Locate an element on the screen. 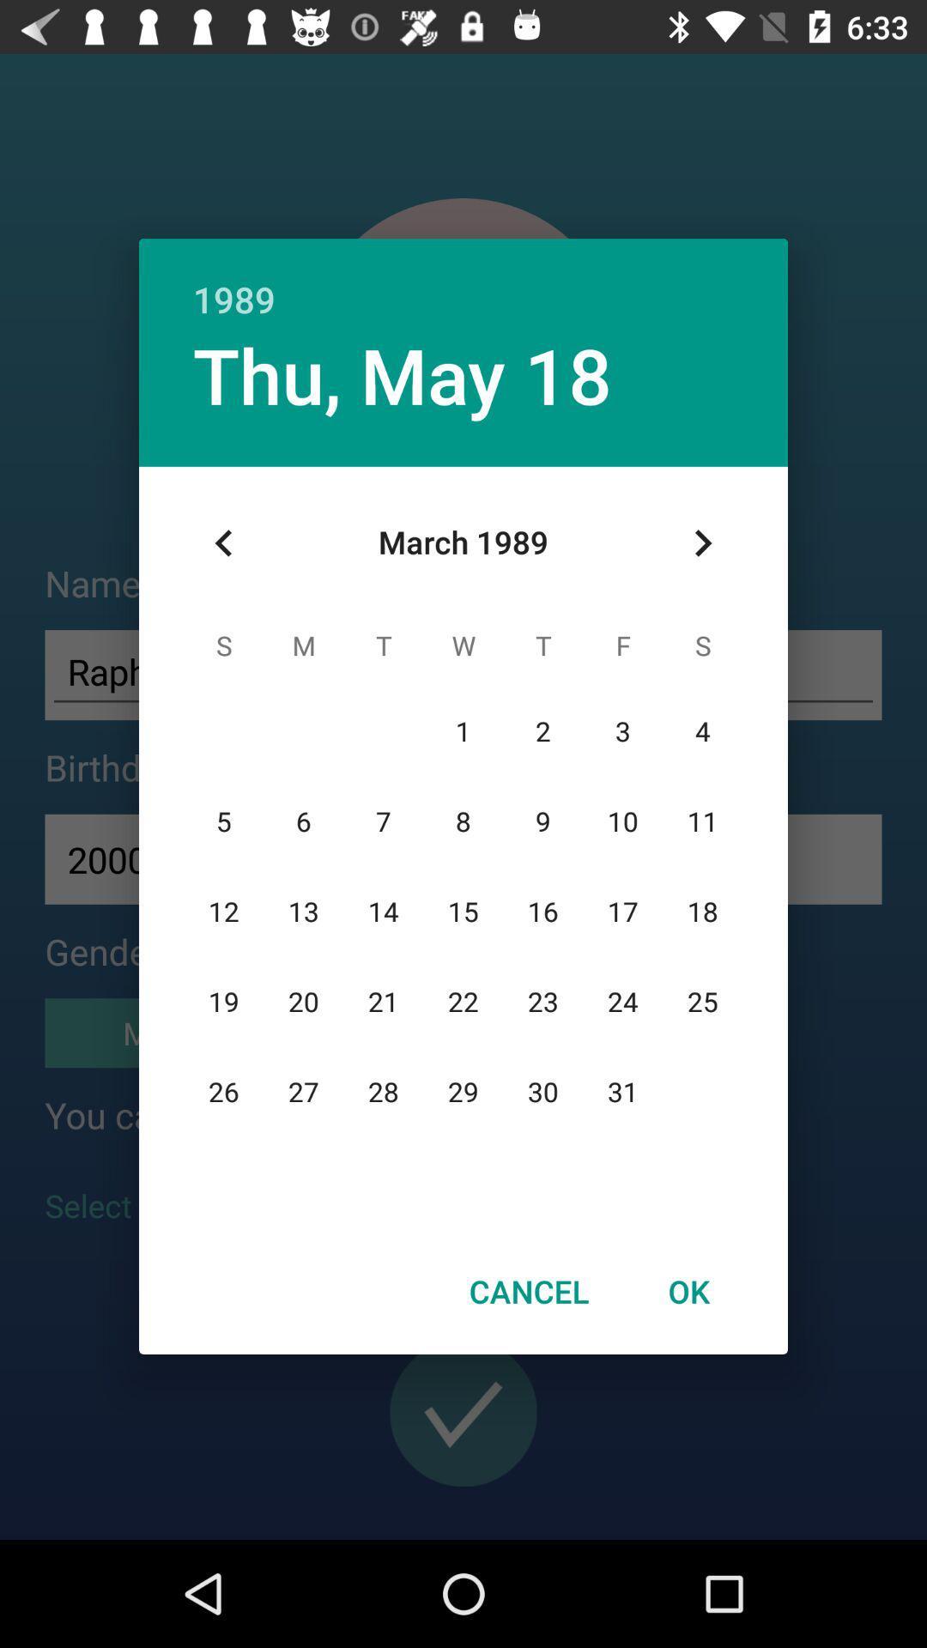 This screenshot has width=927, height=1648. the icon to the right of the cancel item is located at coordinates (688, 1291).